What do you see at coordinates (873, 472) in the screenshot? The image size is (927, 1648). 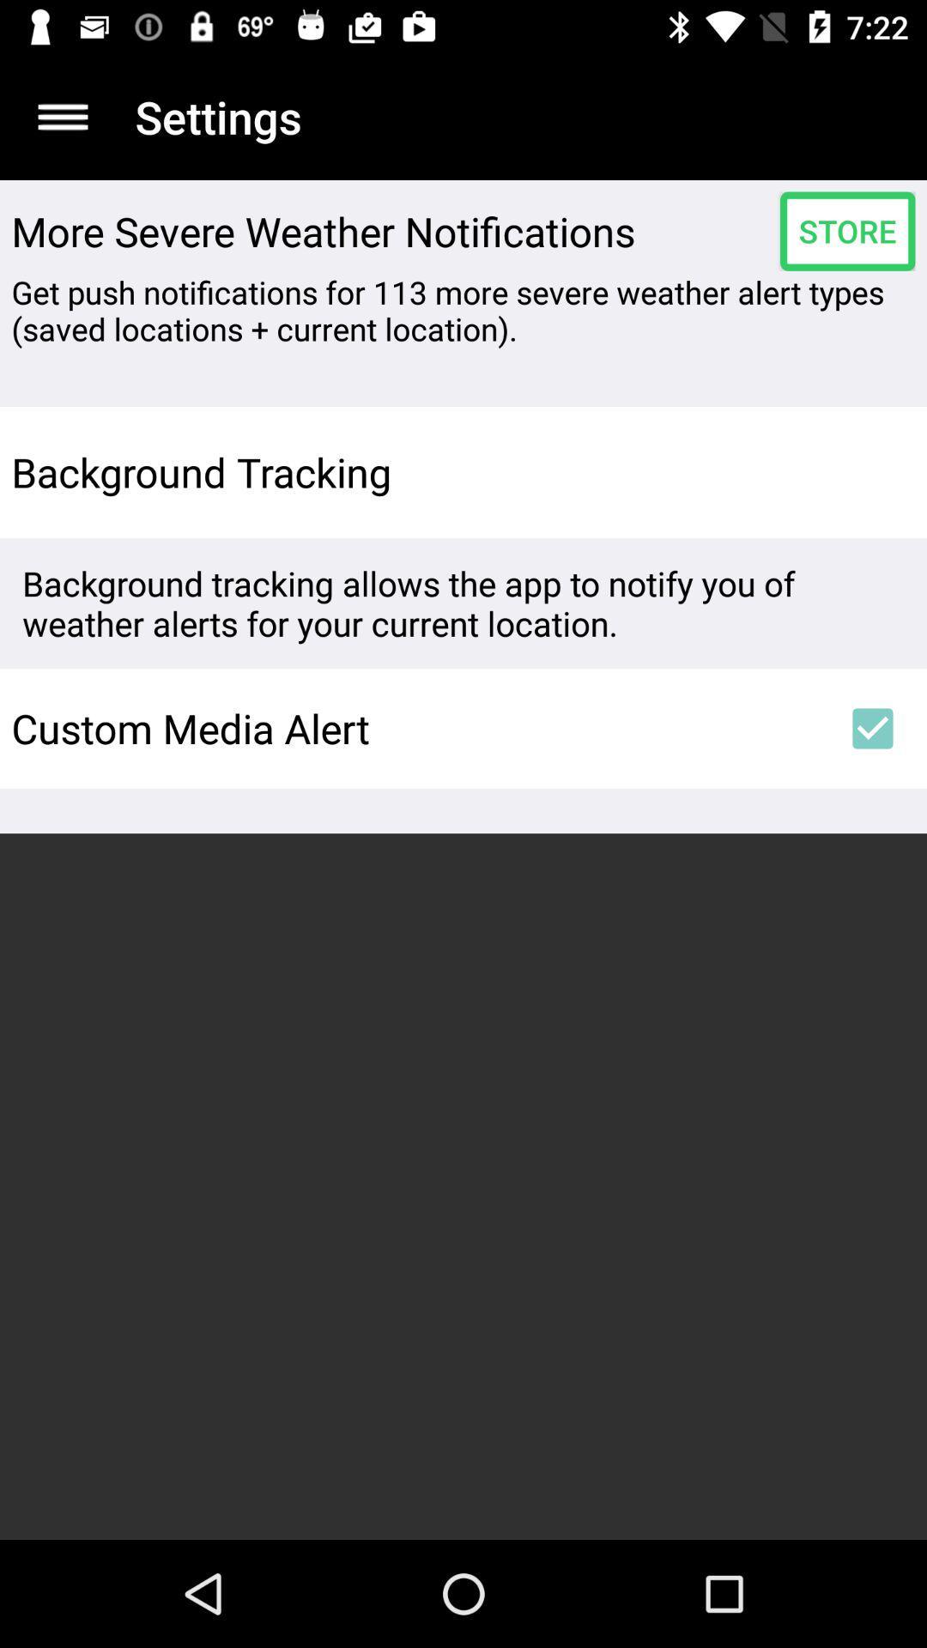 I see `item next to background tracking` at bounding box center [873, 472].